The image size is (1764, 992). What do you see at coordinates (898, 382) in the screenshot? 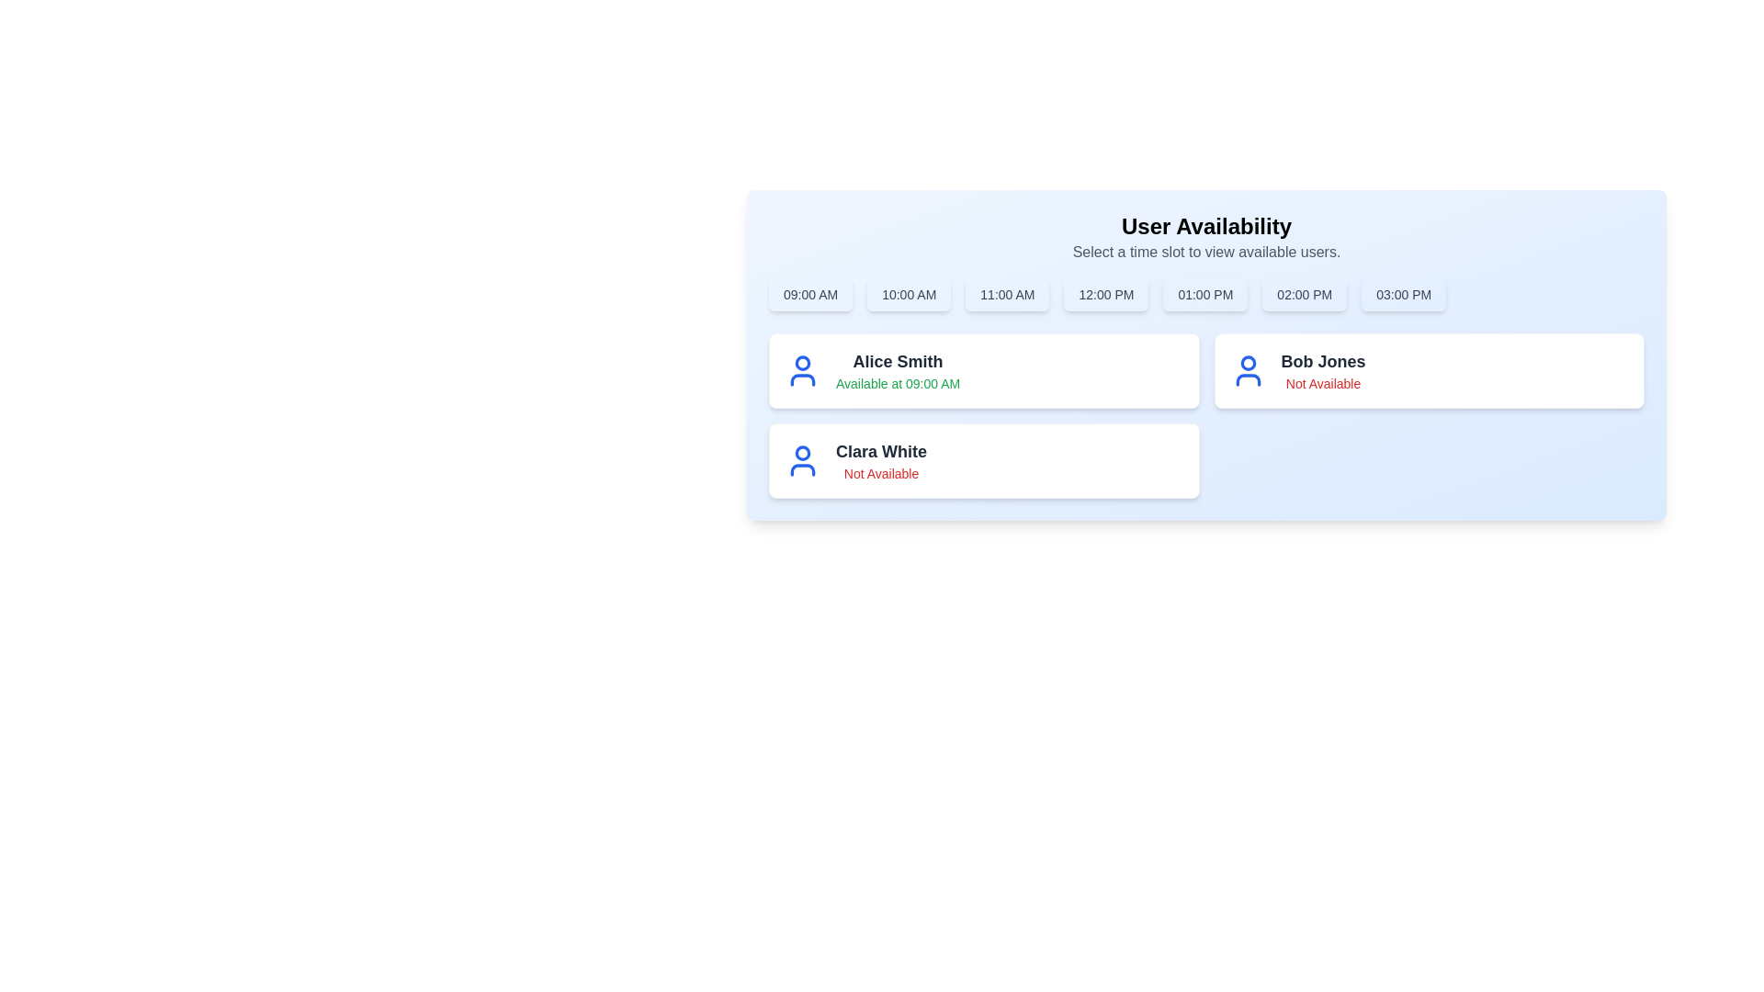
I see `the static text label displaying 'Available at 09:00 AM' under 'Alice Smith' in the user availability list` at bounding box center [898, 382].